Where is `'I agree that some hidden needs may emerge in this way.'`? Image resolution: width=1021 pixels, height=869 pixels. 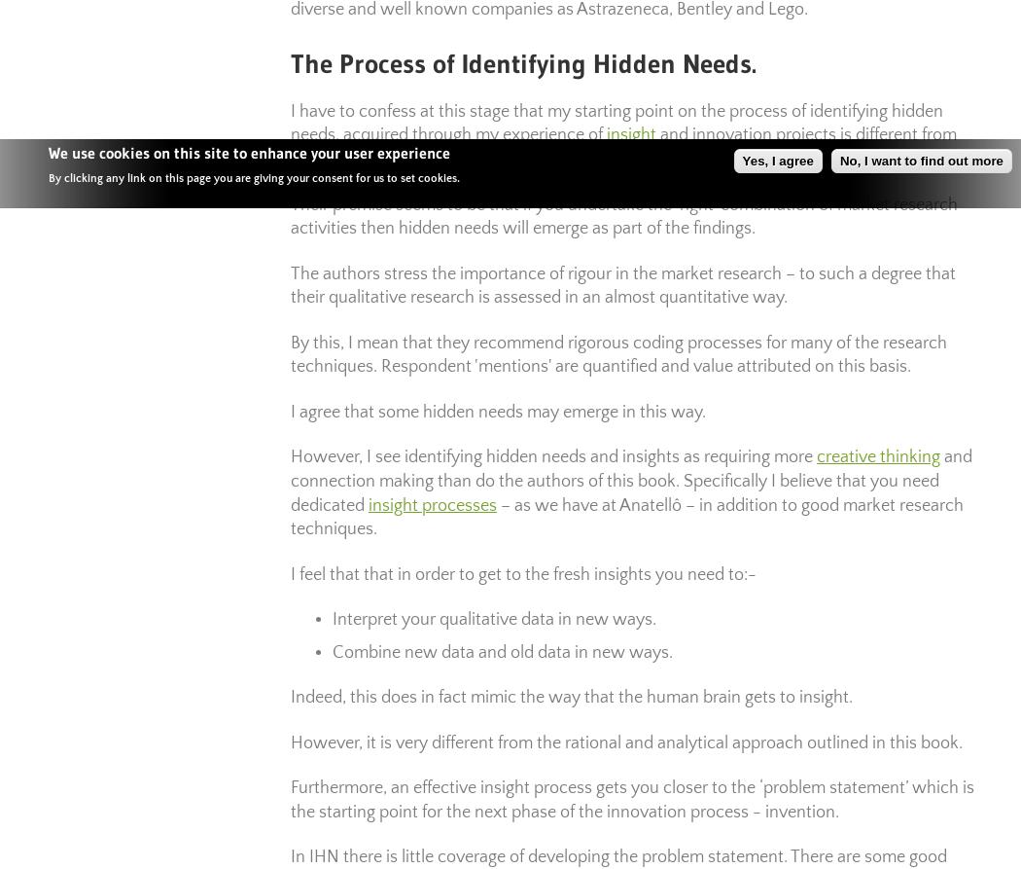 'I agree that some hidden needs may emerge in this way.' is located at coordinates (290, 412).